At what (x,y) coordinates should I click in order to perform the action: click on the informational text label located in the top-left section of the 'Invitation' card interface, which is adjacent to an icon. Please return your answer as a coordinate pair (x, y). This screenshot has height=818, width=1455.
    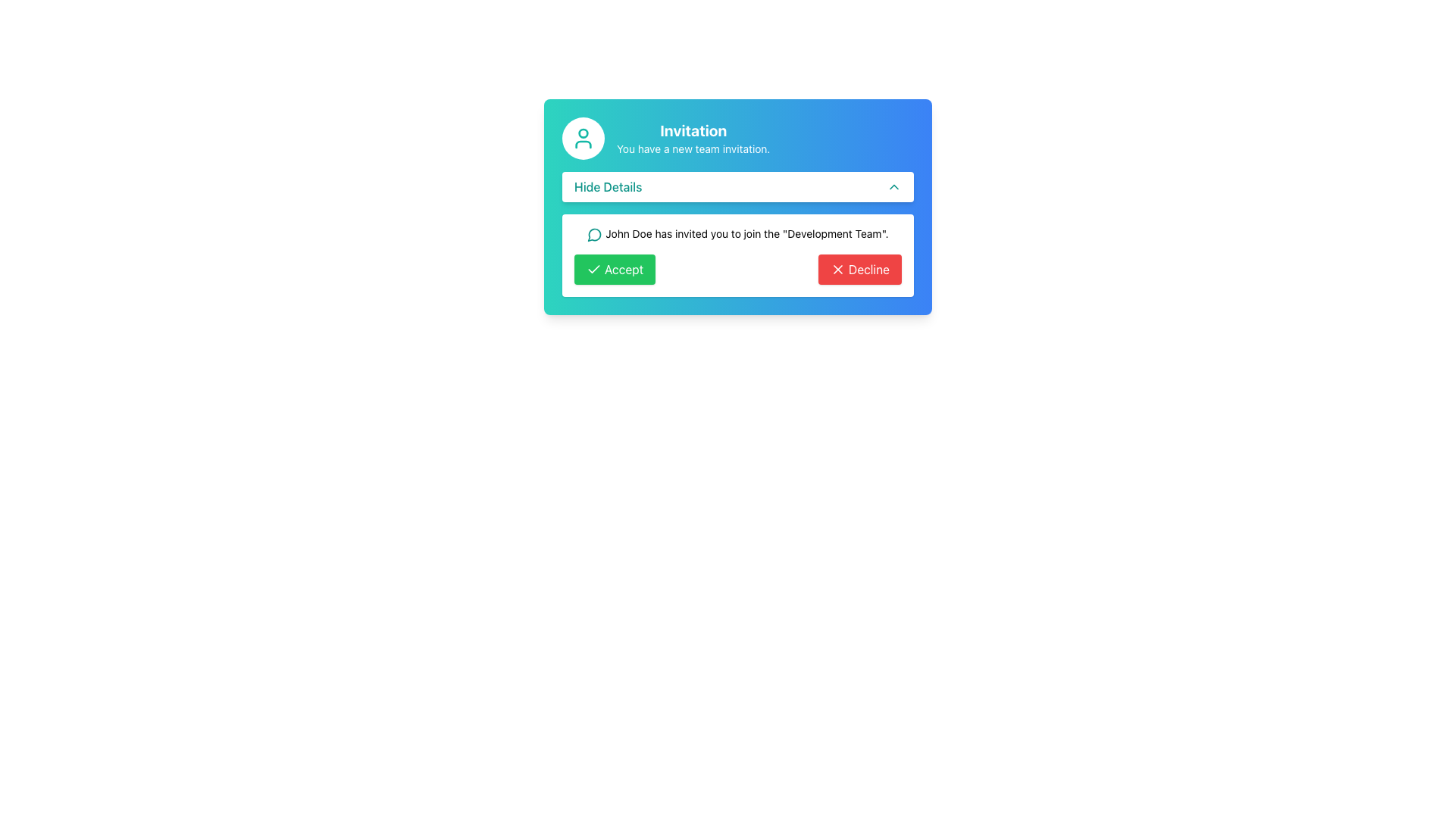
    Looking at the image, I should click on (608, 186).